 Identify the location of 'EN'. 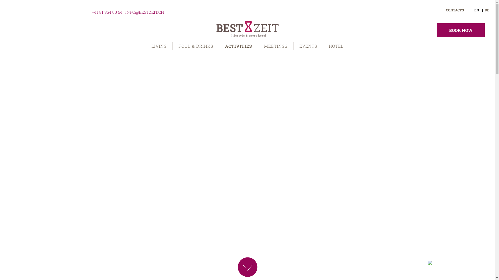
(478, 10).